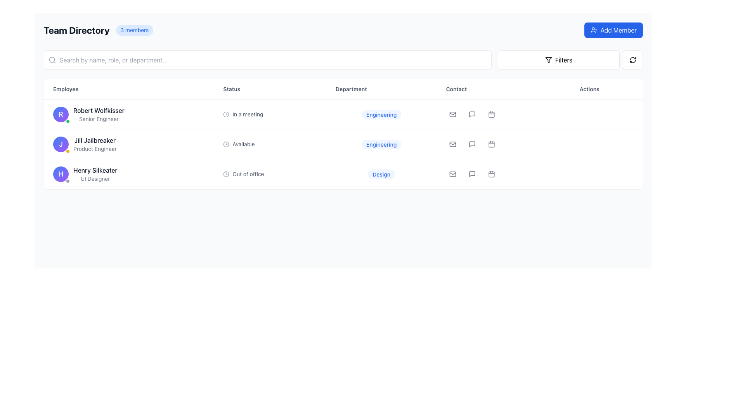  I want to click on the 'Add Member' text label inside the blue button, so click(618, 29).